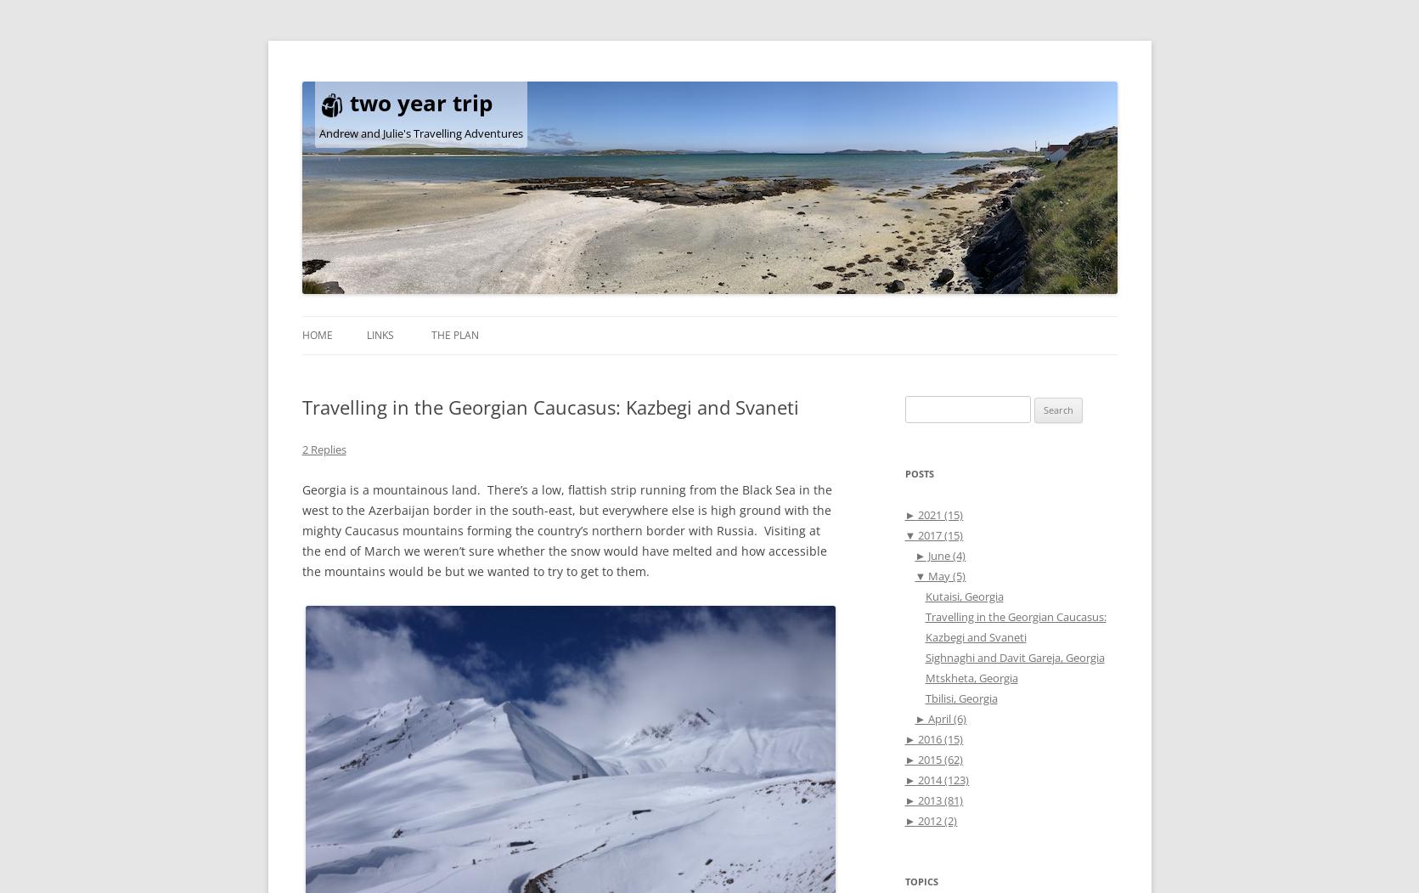 This screenshot has width=1419, height=893. I want to click on '2021 (15)', so click(914, 515).